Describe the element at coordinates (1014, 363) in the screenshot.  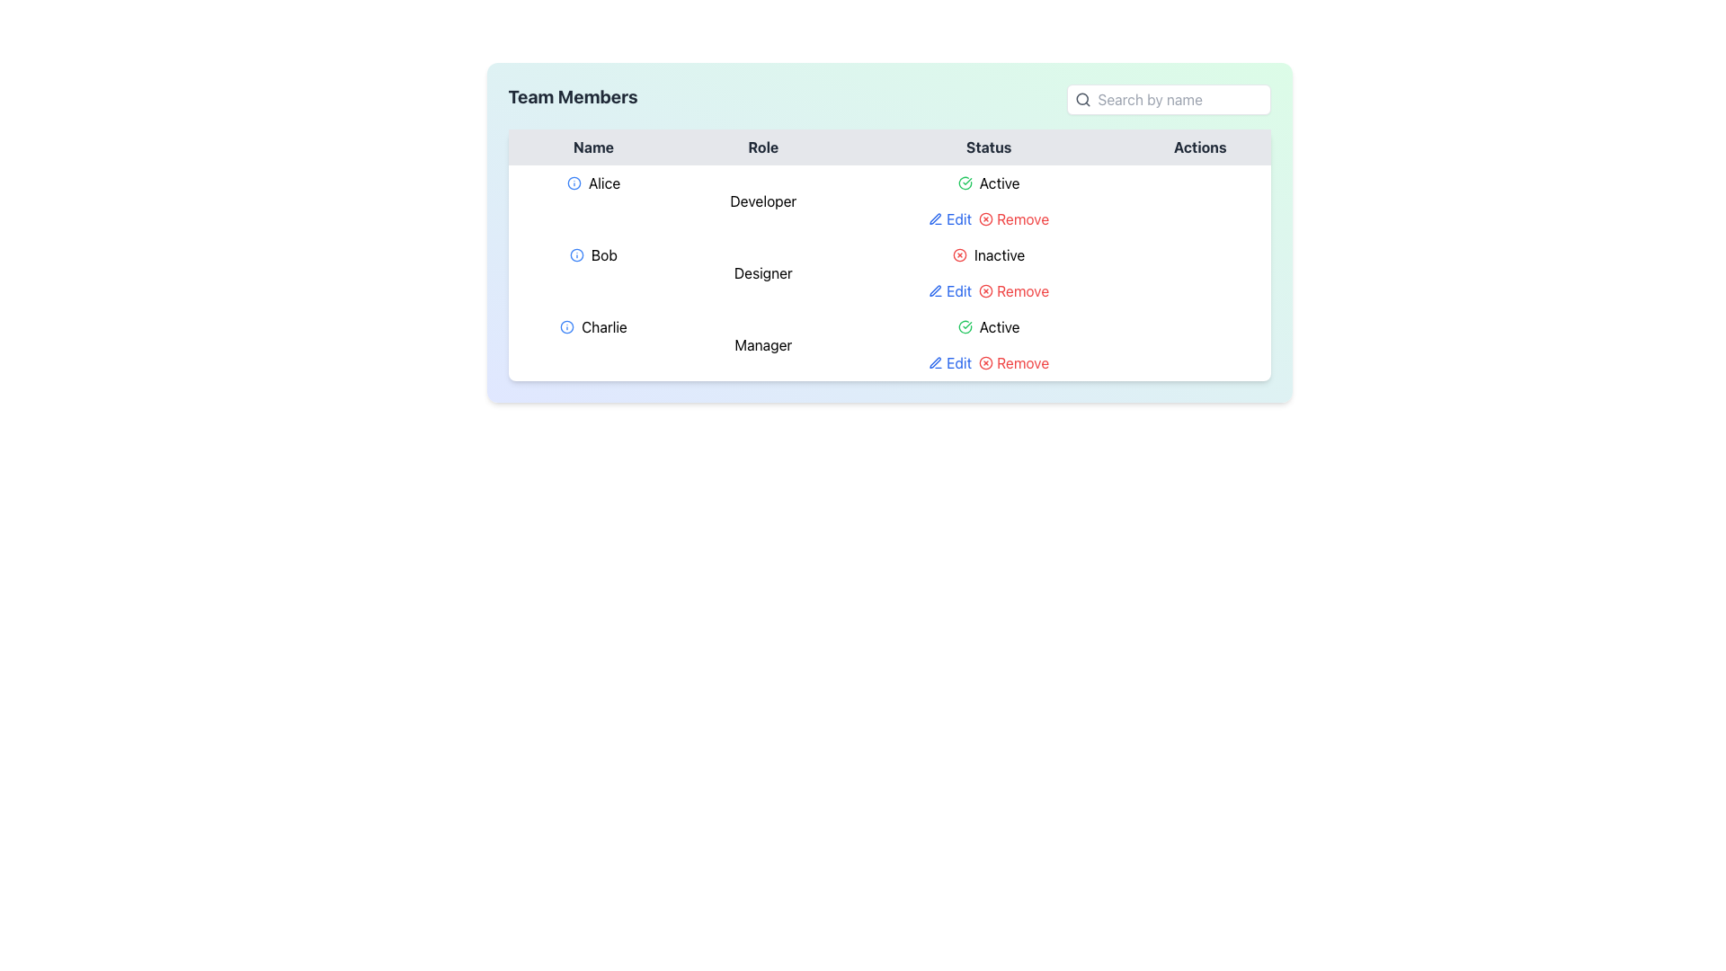
I see `the 'Remove' action link for the member 'Charlie' in the 'Actions' column of the table` at that location.